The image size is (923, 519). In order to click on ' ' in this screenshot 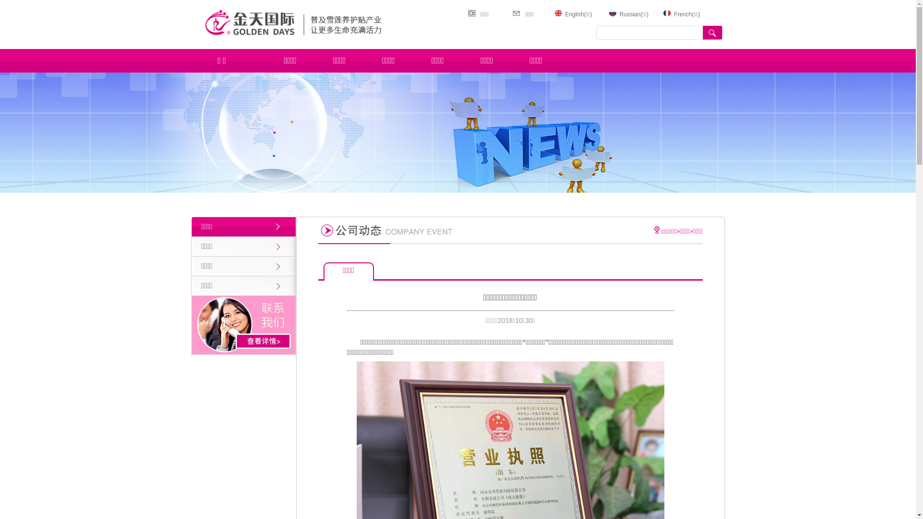, I will do `click(712, 32)`.